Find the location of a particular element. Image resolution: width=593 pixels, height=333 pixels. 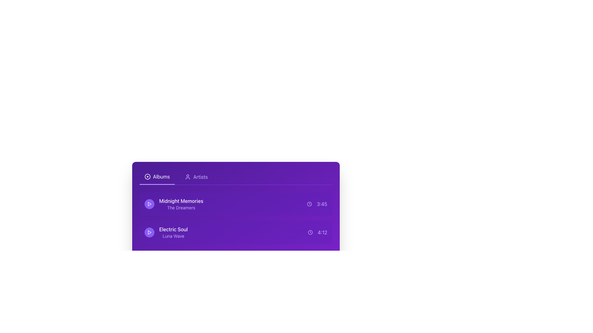

the circular play button with a purple background and a white play icon, located to the left of 'Electric Soul' and 'Luna Wave', to play the associated media is located at coordinates (149, 232).